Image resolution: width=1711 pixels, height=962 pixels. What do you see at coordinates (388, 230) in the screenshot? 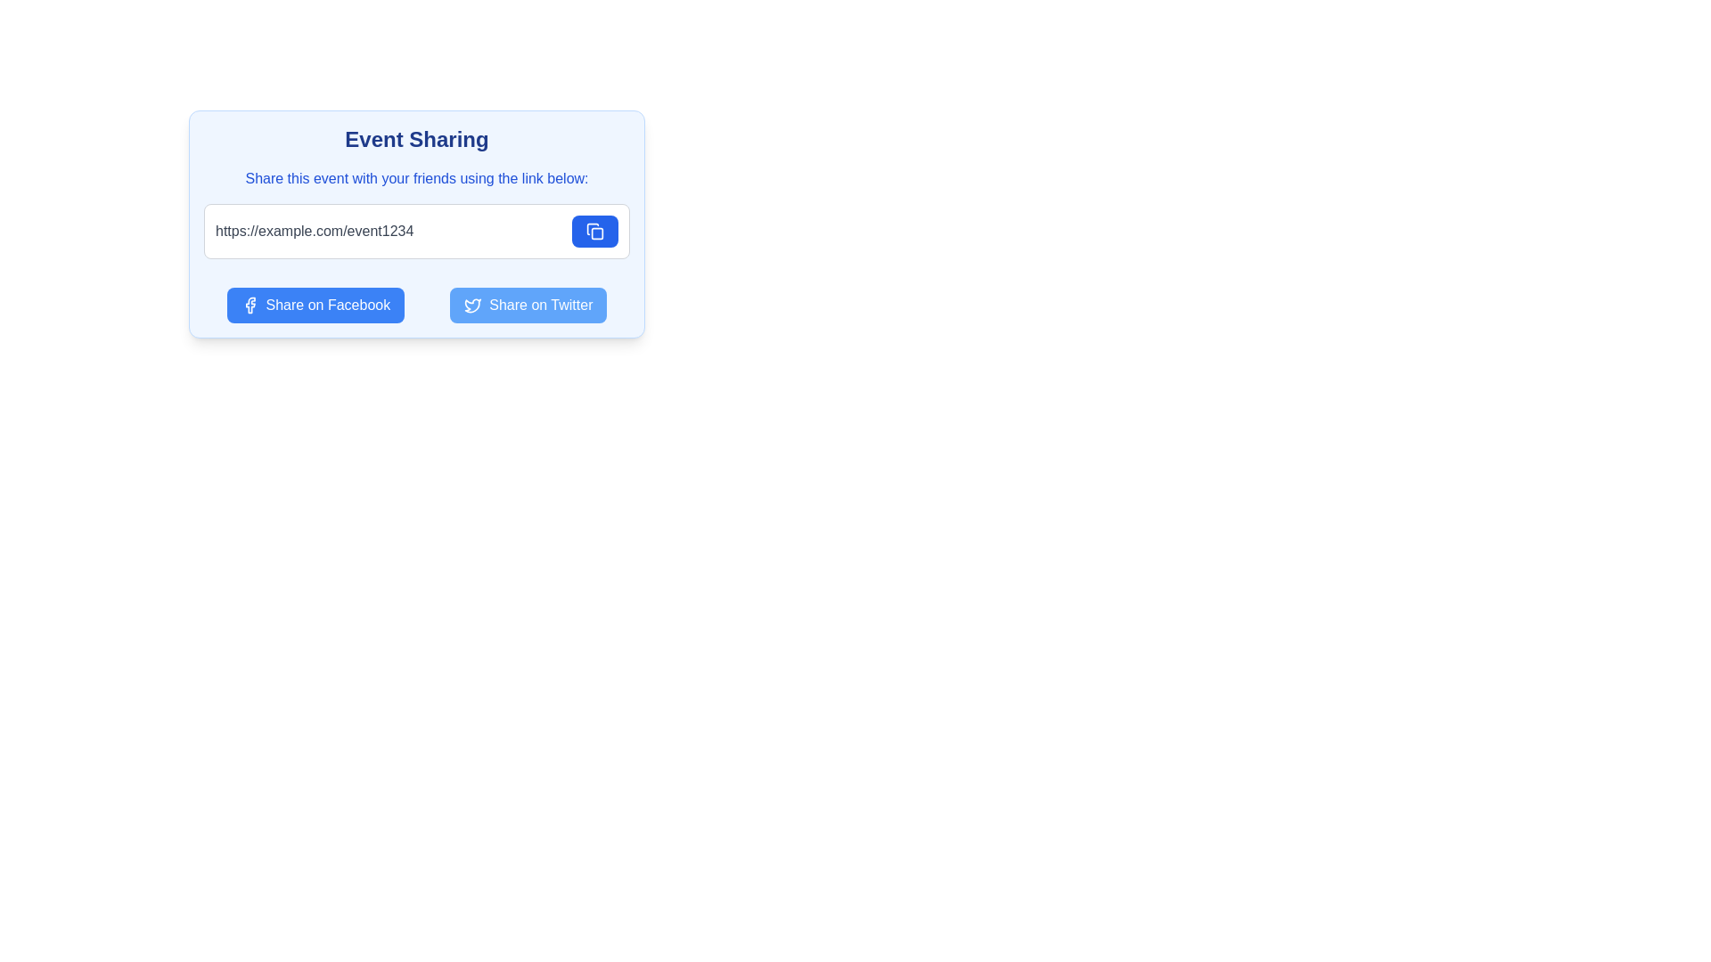
I see `the Text Input Field that allows the user` at bounding box center [388, 230].